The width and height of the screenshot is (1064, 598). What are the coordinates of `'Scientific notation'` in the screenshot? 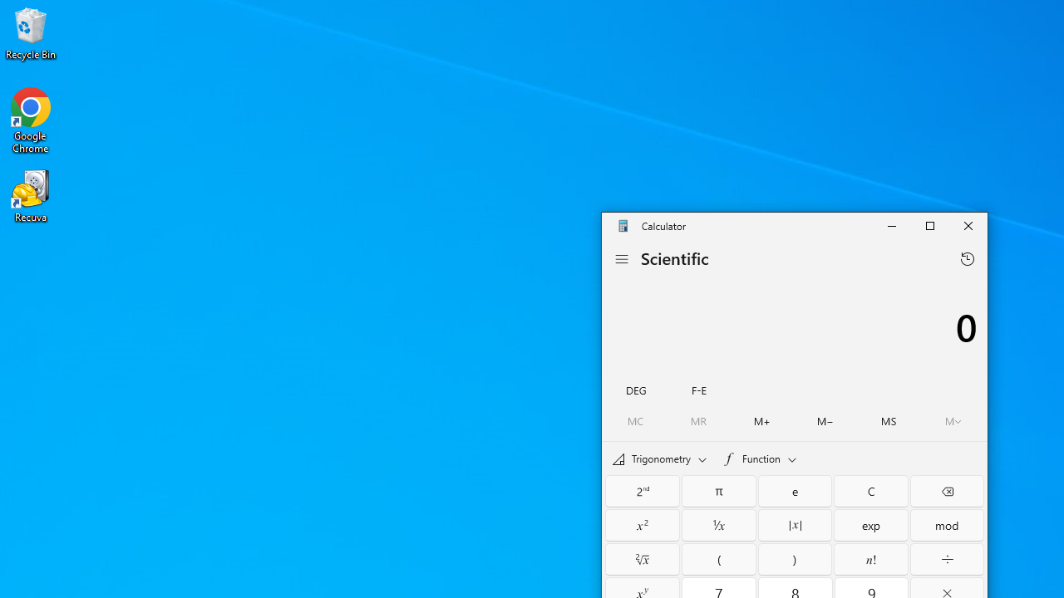 It's located at (698, 389).